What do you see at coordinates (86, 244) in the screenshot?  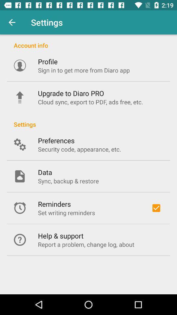 I see `the icon below help & support item` at bounding box center [86, 244].